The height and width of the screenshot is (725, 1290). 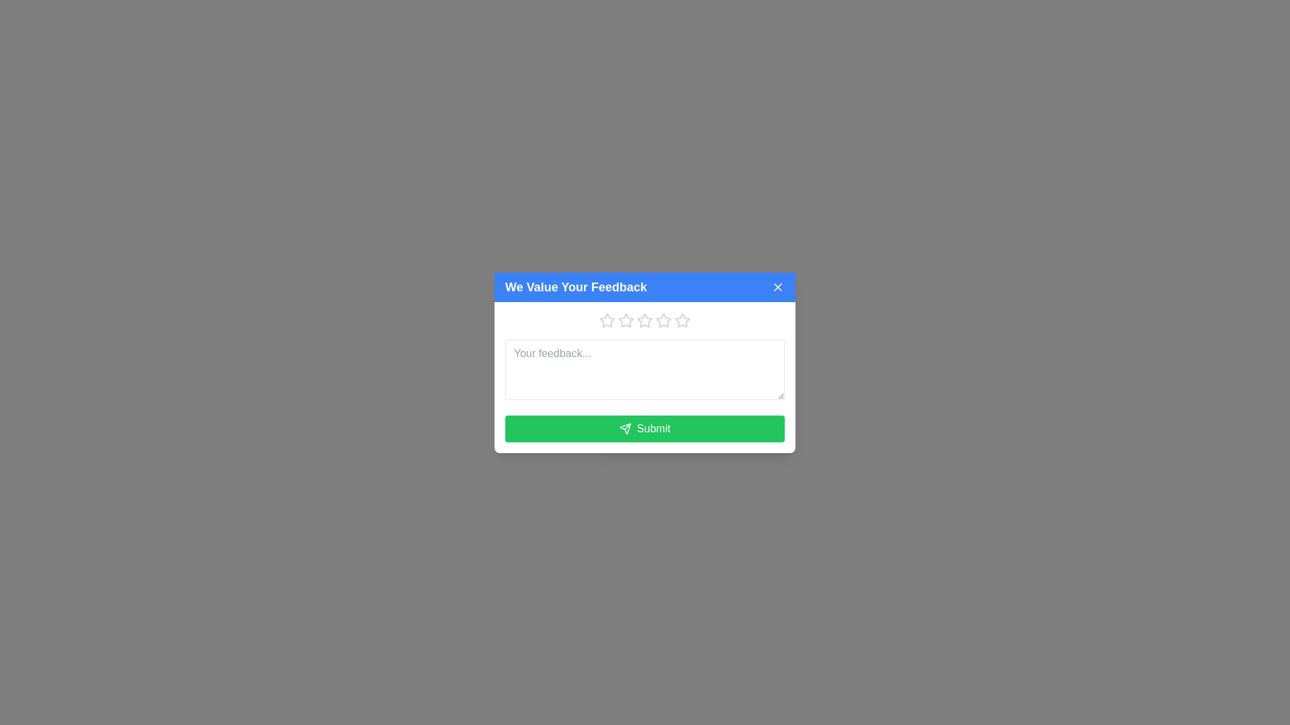 I want to click on the Header bar that displays 'We Value Your Feedback' with a blue background and white text, located at the top of the feedback form, so click(x=645, y=286).